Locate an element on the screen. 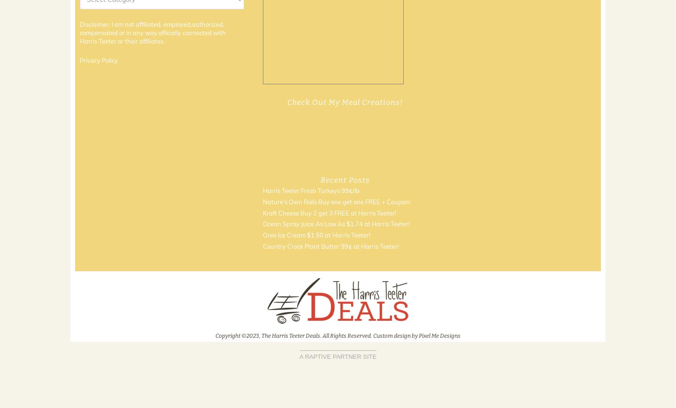 The image size is (676, 408). 'Pixel Me Designs' is located at coordinates (418, 335).